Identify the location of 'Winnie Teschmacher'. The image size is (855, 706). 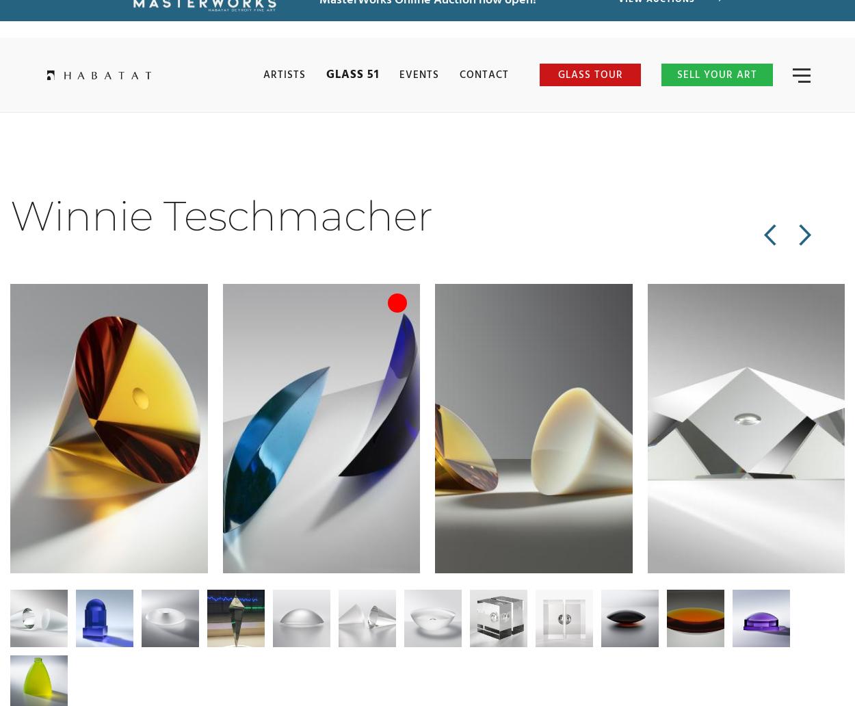
(221, 215).